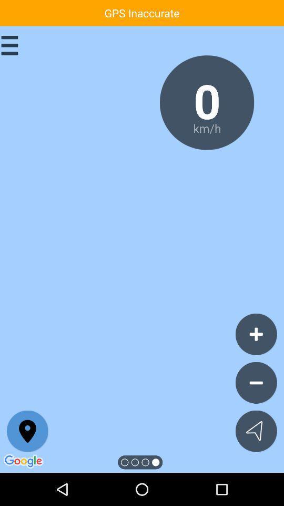  Describe the element at coordinates (256, 431) in the screenshot. I see `the navigation icon` at that location.